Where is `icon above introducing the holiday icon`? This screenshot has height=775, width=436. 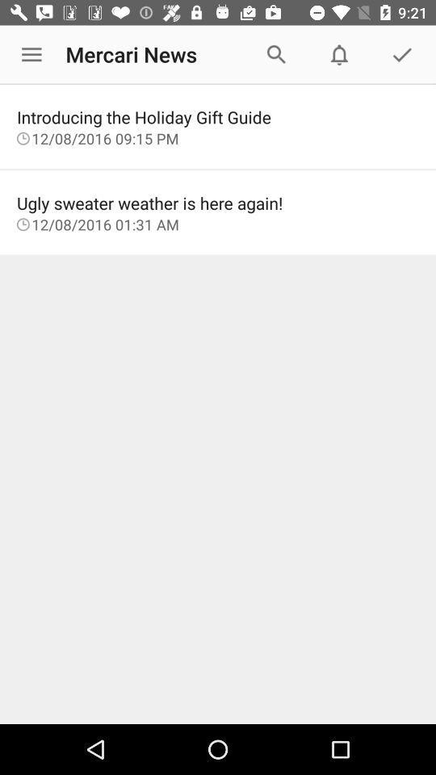 icon above introducing the holiday icon is located at coordinates (31, 55).